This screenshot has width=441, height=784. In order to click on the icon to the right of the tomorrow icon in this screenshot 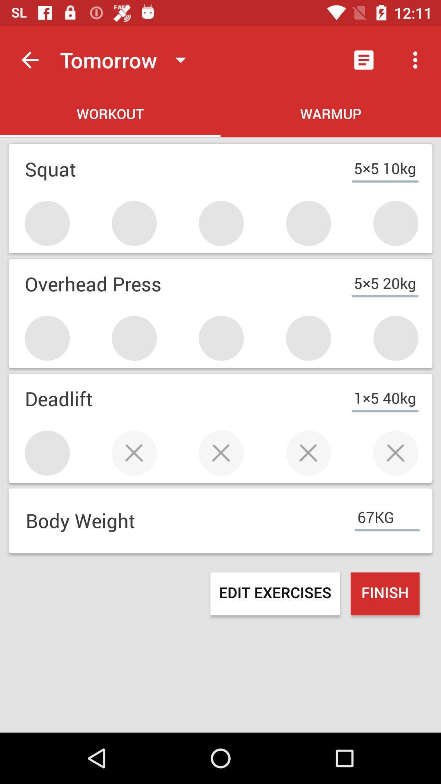, I will do `click(363, 60)`.